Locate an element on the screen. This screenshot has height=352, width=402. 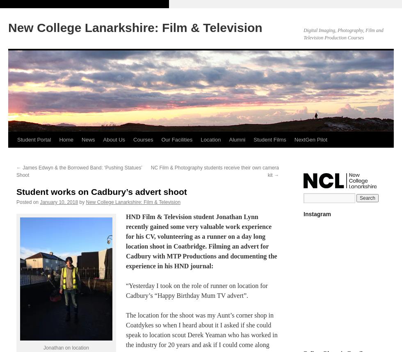
'James Edwyn & the Borrowed Band: ‘Pushing Statues’ Shoot' is located at coordinates (79, 171).